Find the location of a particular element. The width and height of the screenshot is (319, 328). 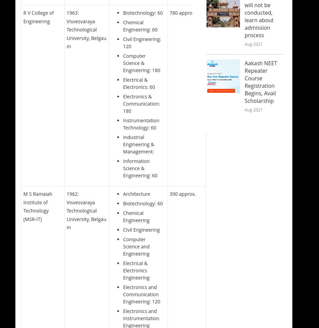

'780 approx.' is located at coordinates (182, 12).